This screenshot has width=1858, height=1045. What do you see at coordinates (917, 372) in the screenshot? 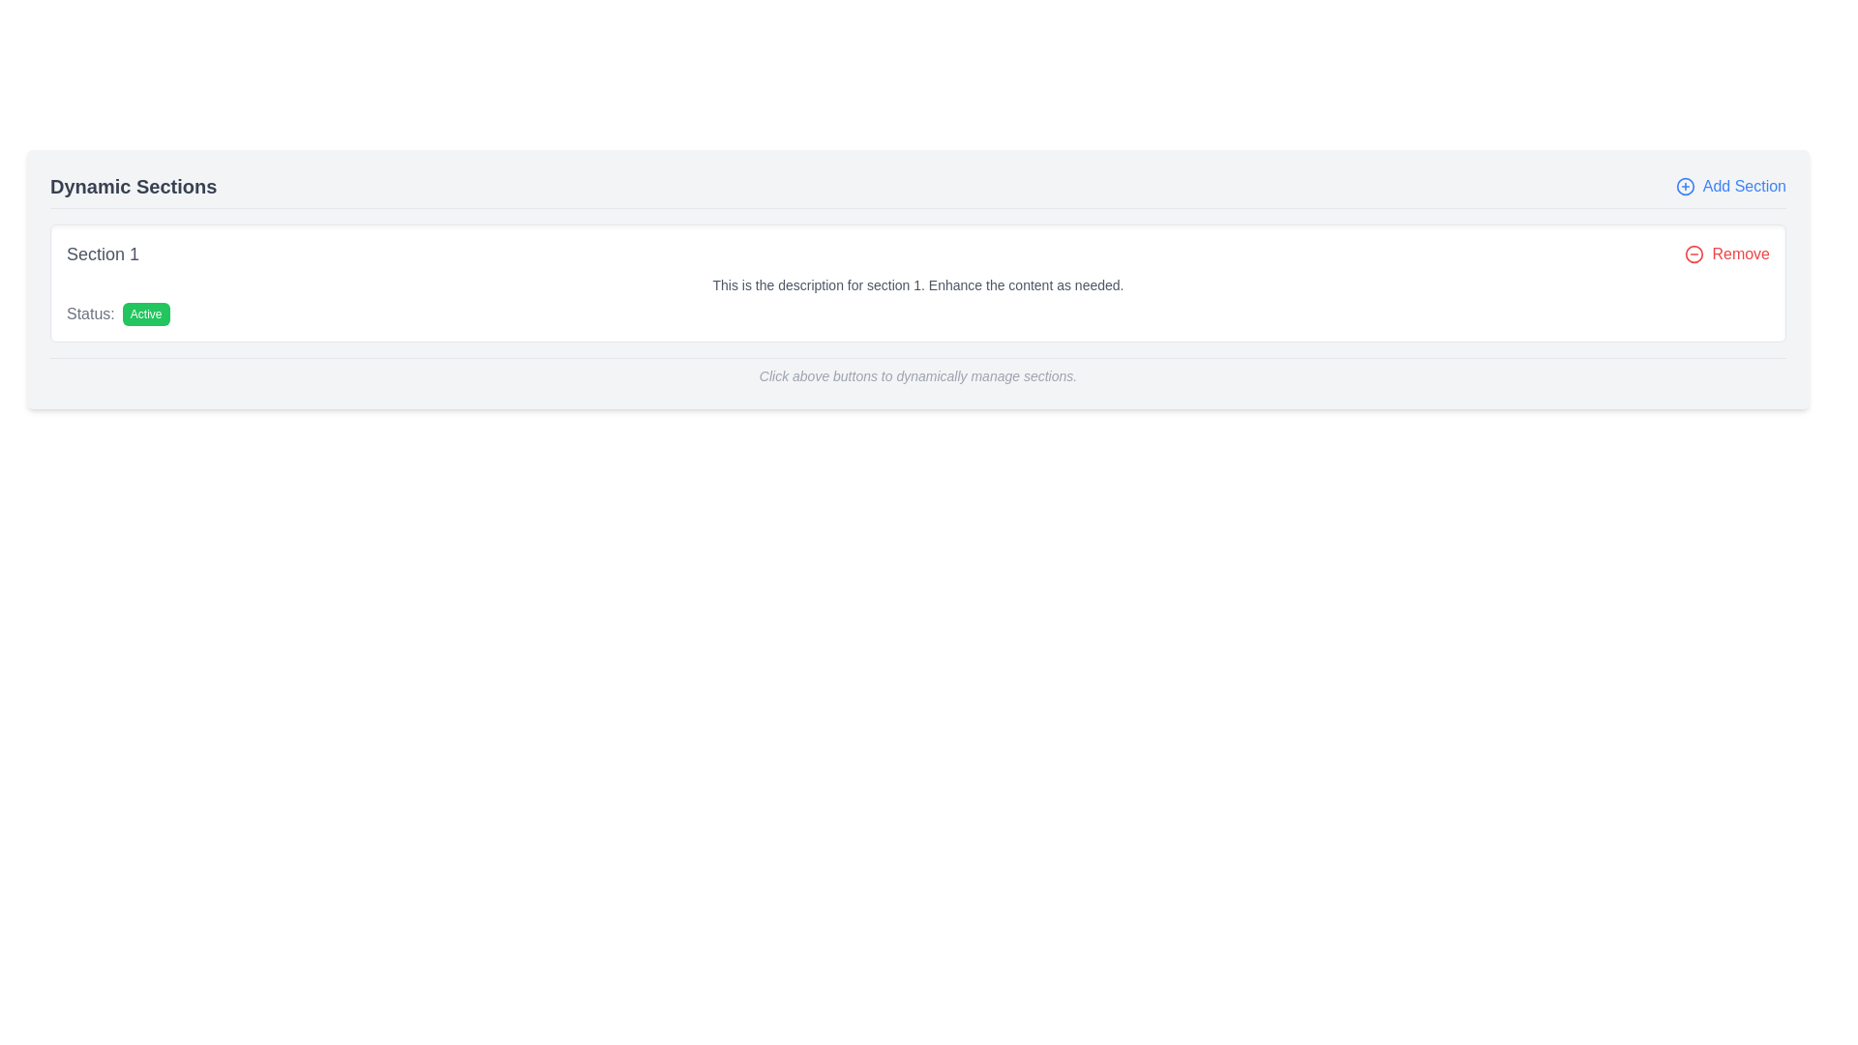
I see `the static text hint that provides guidance about the buttons above it in the interface` at bounding box center [917, 372].